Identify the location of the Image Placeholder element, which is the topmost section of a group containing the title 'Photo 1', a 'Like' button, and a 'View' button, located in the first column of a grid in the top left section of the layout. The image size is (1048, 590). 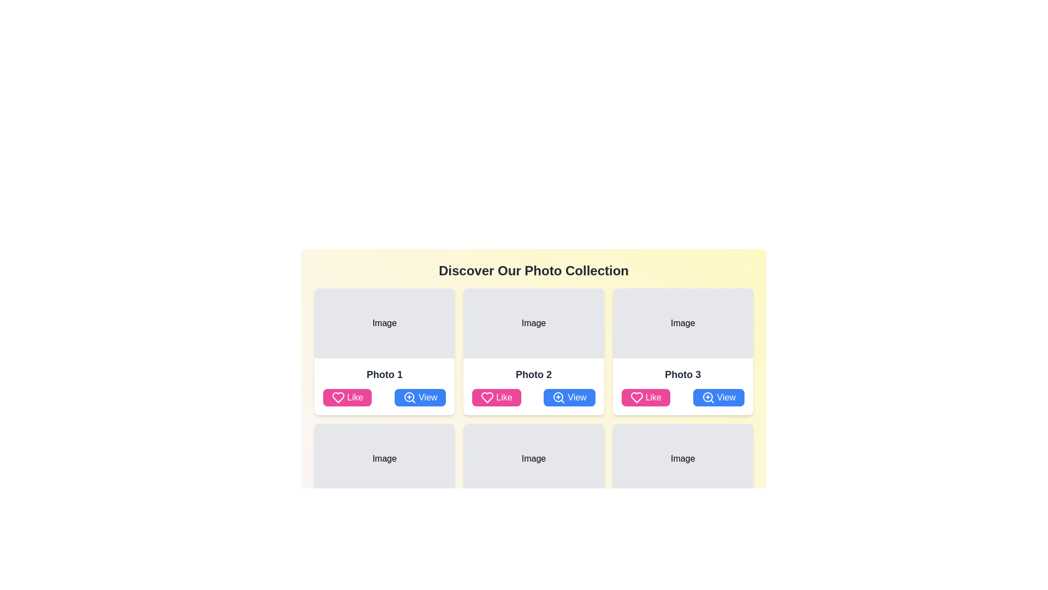
(384, 322).